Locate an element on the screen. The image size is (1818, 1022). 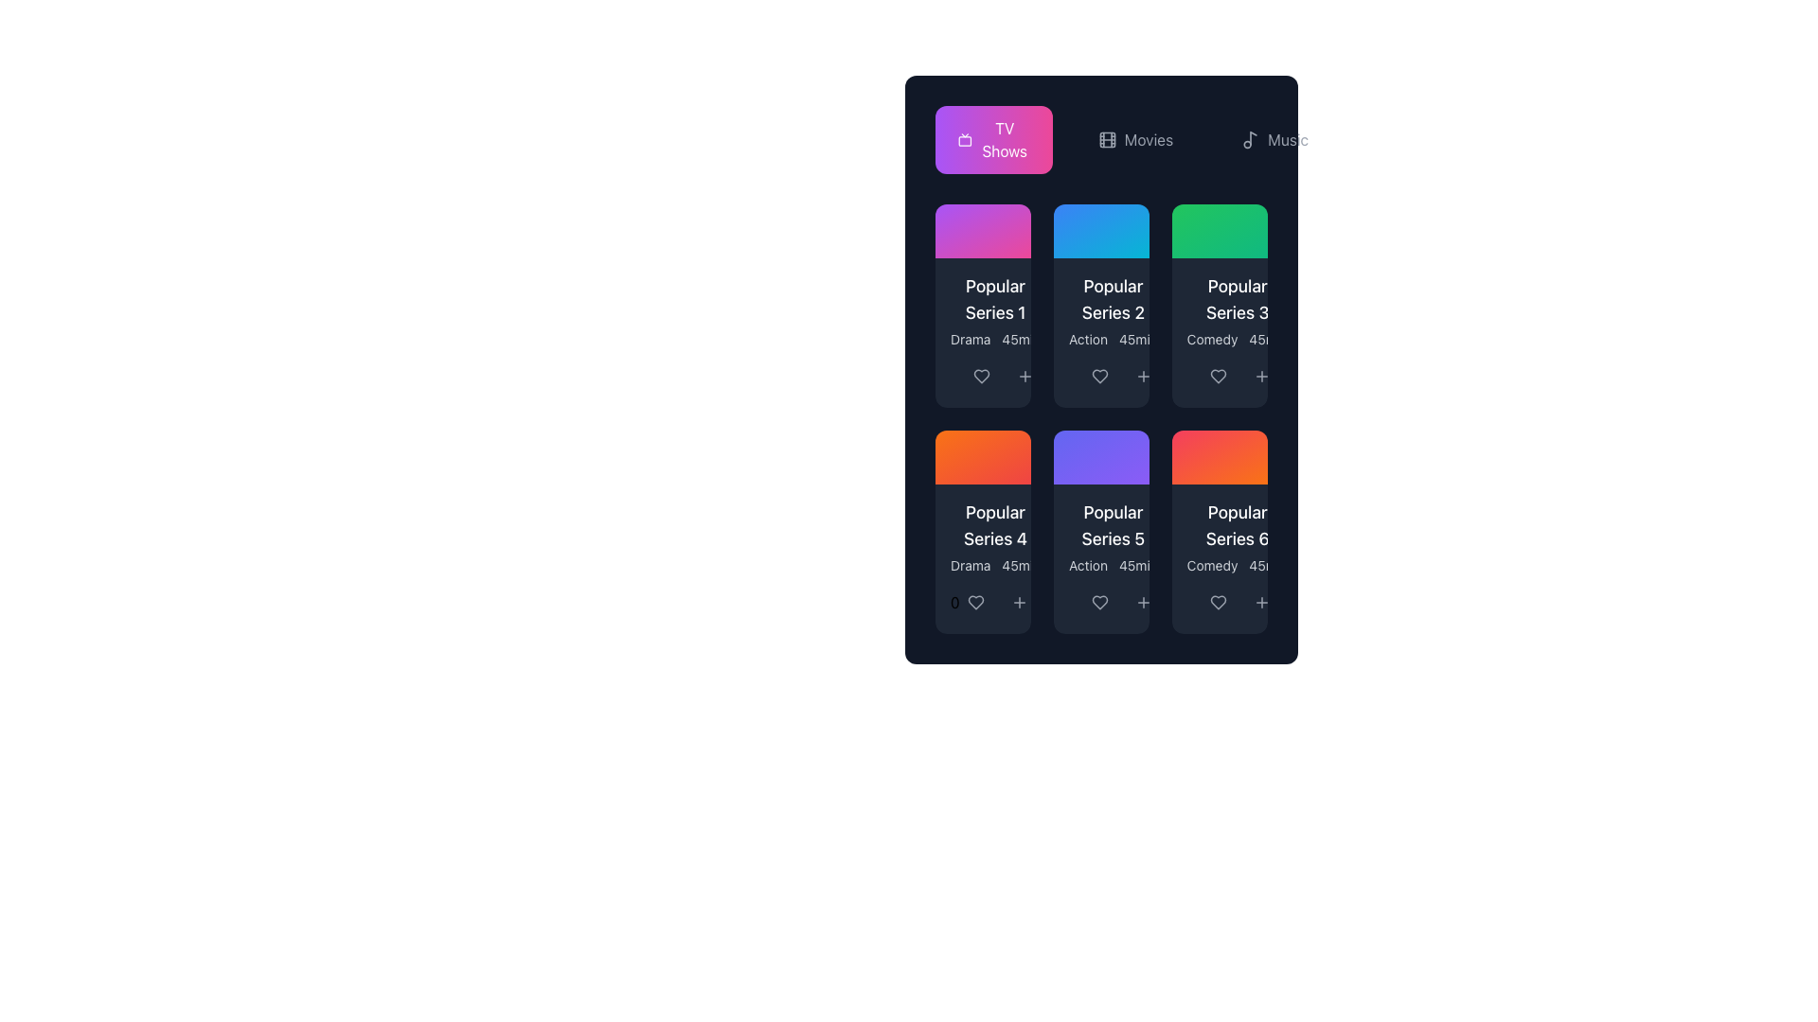
the heart icon representing the liking action for the 'Popular Series 3' item is located at coordinates (1218, 376).